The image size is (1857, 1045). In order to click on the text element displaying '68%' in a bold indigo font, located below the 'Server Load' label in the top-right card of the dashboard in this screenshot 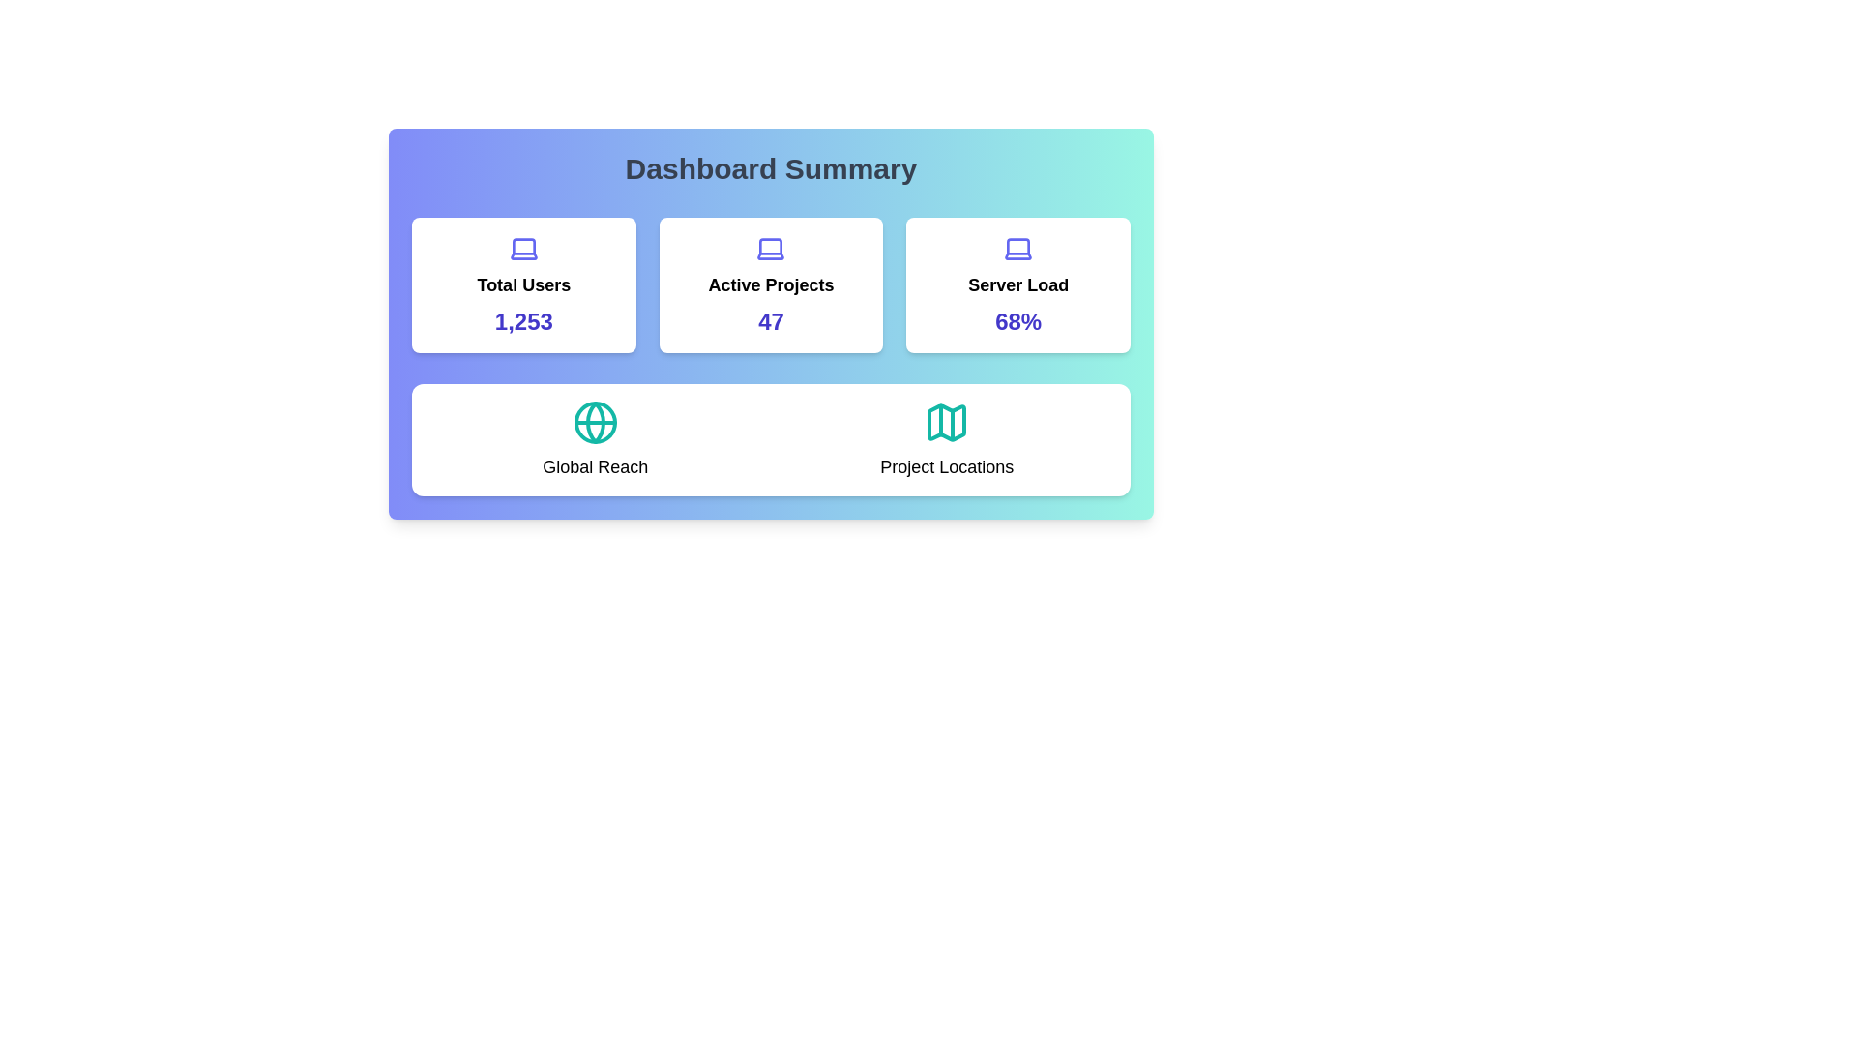, I will do `click(1017, 320)`.